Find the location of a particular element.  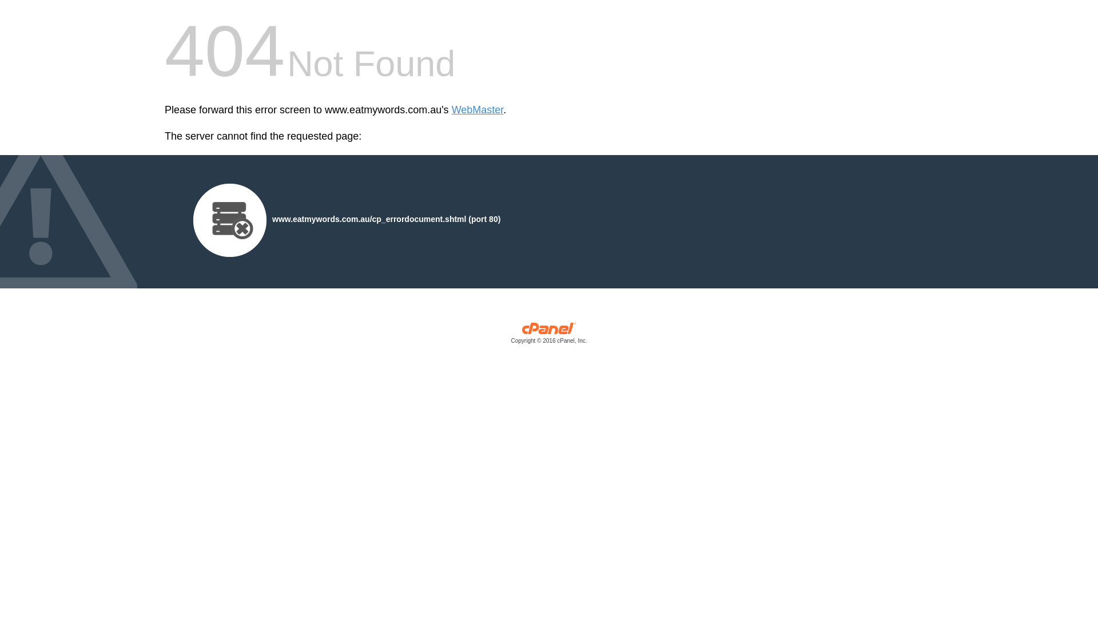

'WebMaster' is located at coordinates (451, 110).